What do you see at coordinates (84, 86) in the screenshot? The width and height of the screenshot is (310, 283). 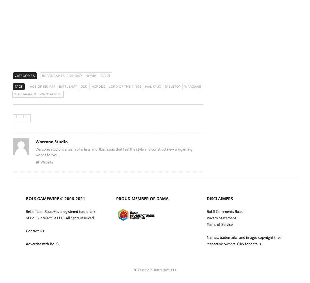 I see `'D&D'` at bounding box center [84, 86].